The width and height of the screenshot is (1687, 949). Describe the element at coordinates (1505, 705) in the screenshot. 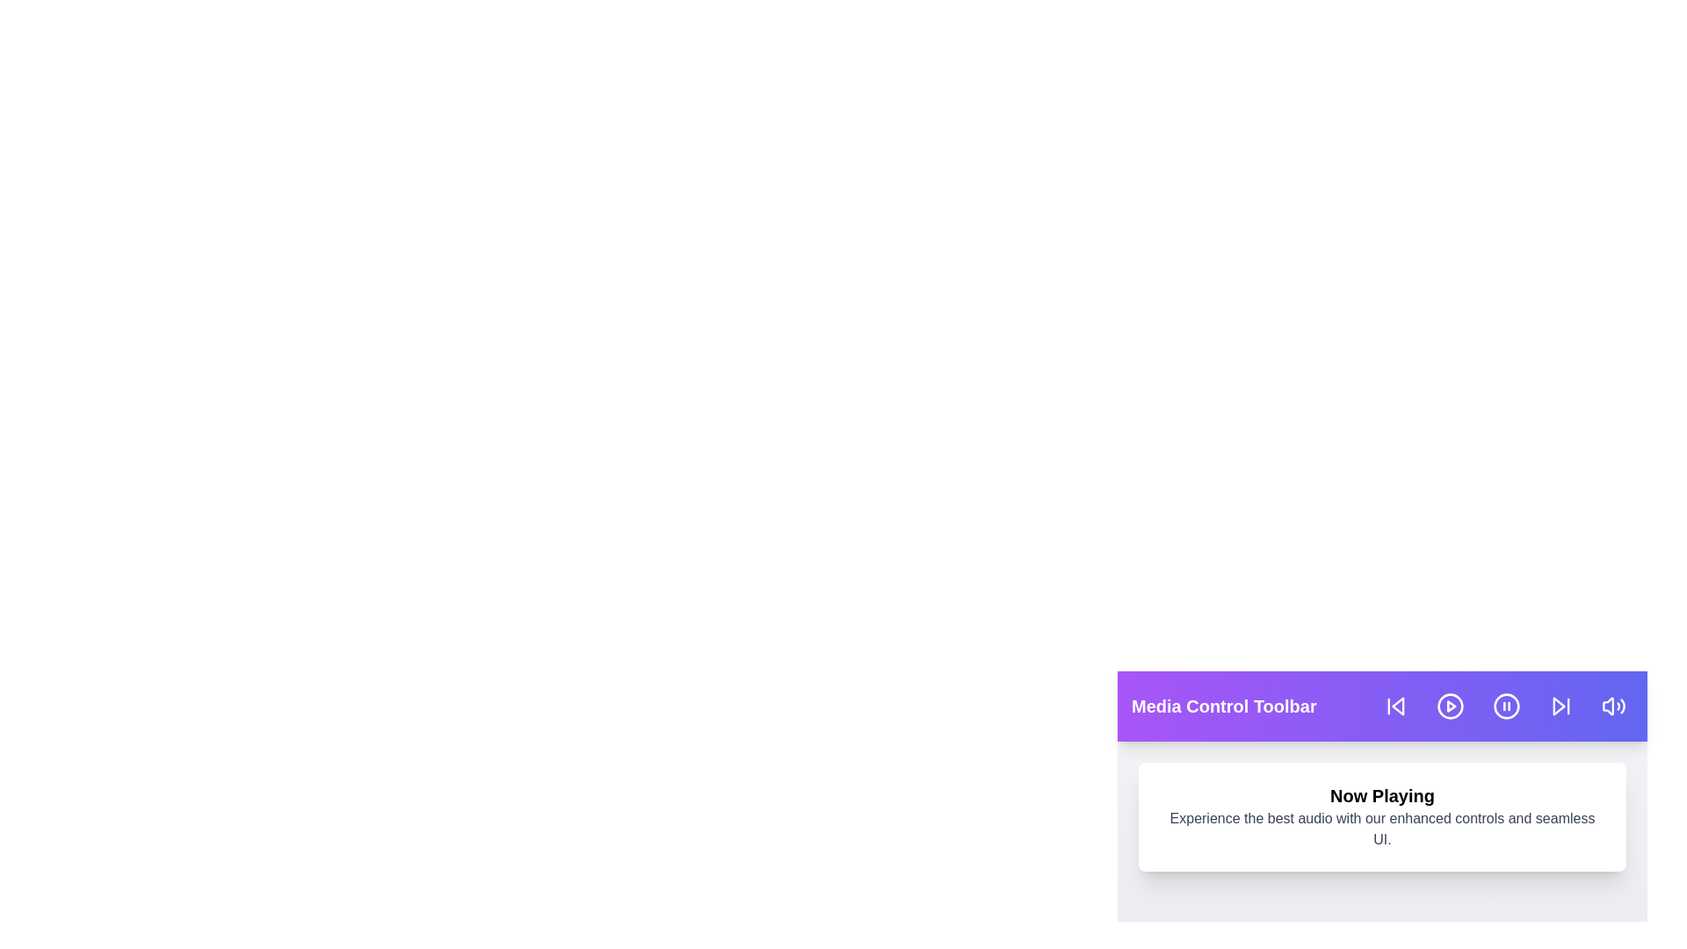

I see `the pause button in the media control toolbar` at that location.